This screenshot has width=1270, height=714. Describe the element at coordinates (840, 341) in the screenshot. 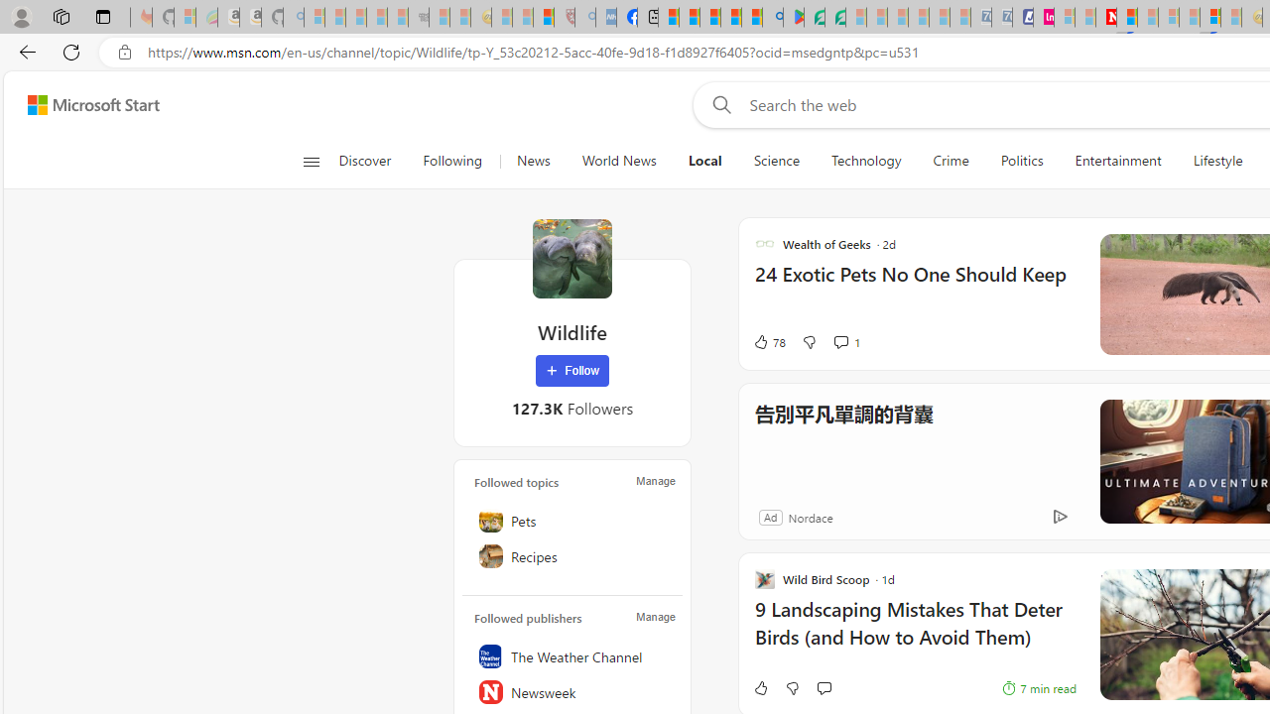

I see `'View comments 1 Comment'` at that location.